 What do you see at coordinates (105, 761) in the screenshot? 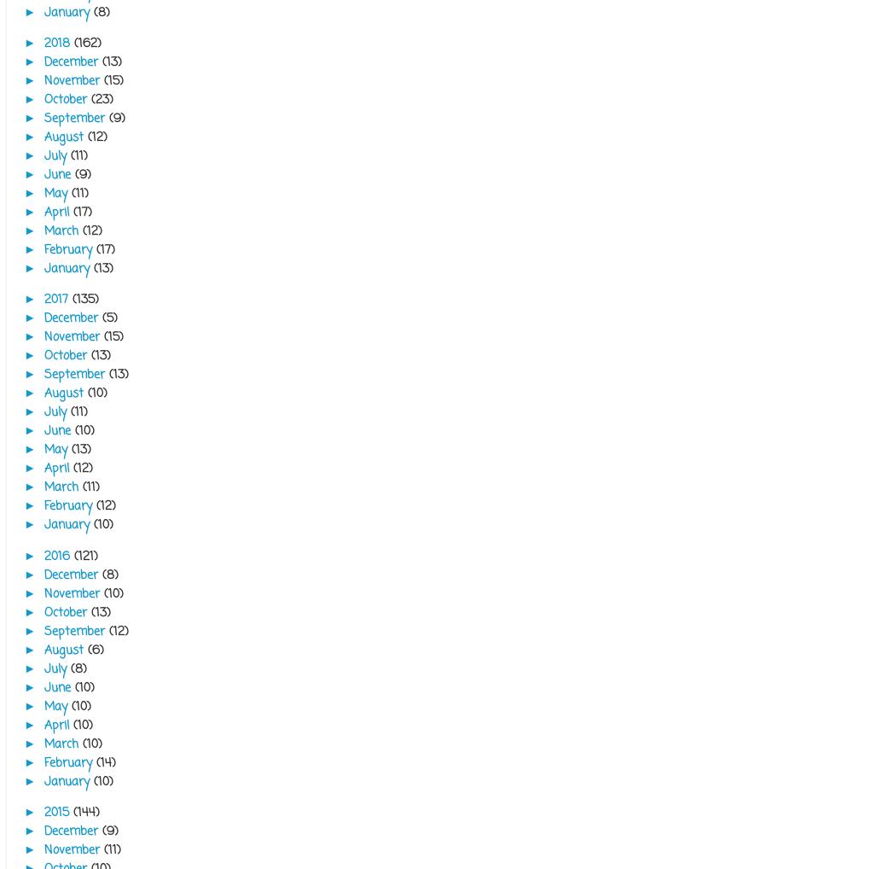
I see `'(14)'` at bounding box center [105, 761].